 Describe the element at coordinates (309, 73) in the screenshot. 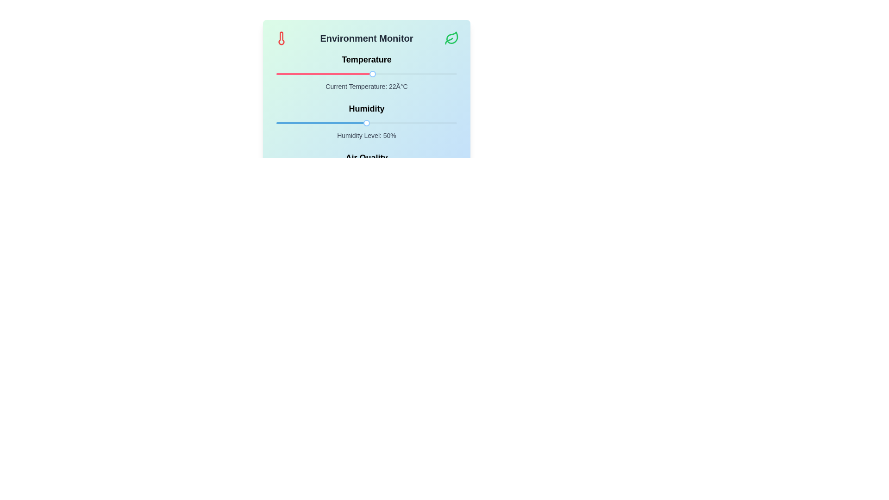

I see `the temperature` at that location.